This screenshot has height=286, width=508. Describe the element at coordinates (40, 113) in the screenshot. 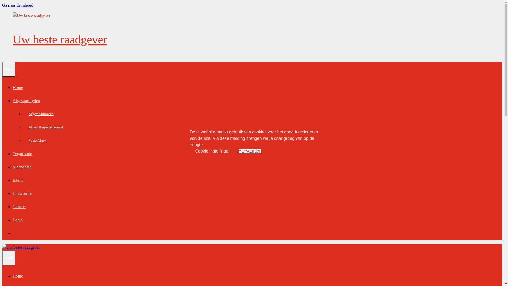

I see `'Afgev Militairen'` at that location.